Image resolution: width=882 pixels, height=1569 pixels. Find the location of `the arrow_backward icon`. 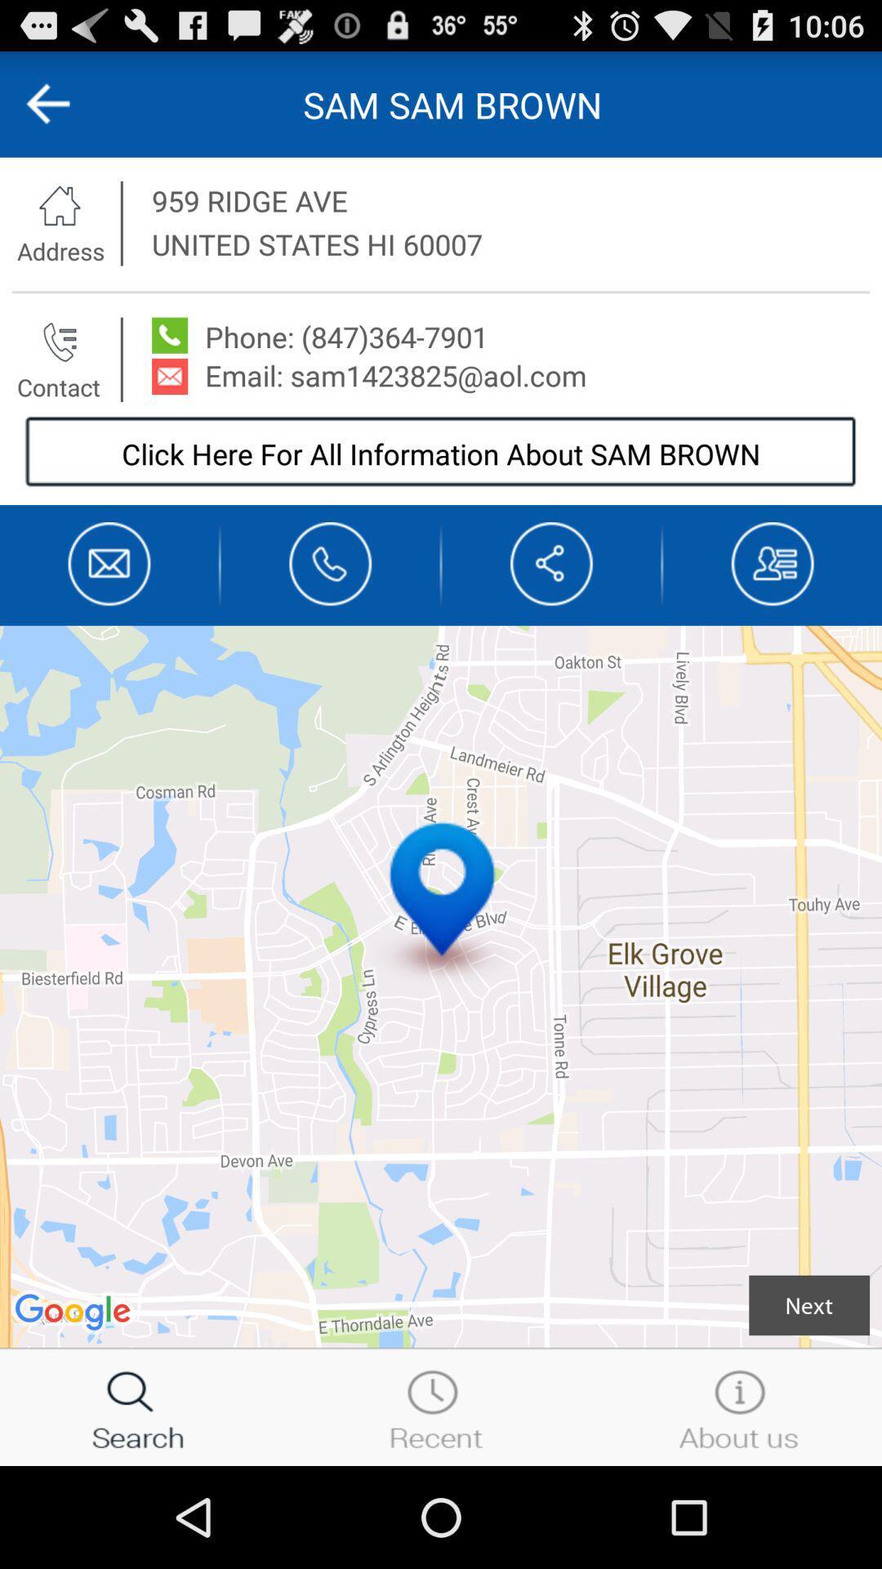

the arrow_backward icon is located at coordinates (551, 603).